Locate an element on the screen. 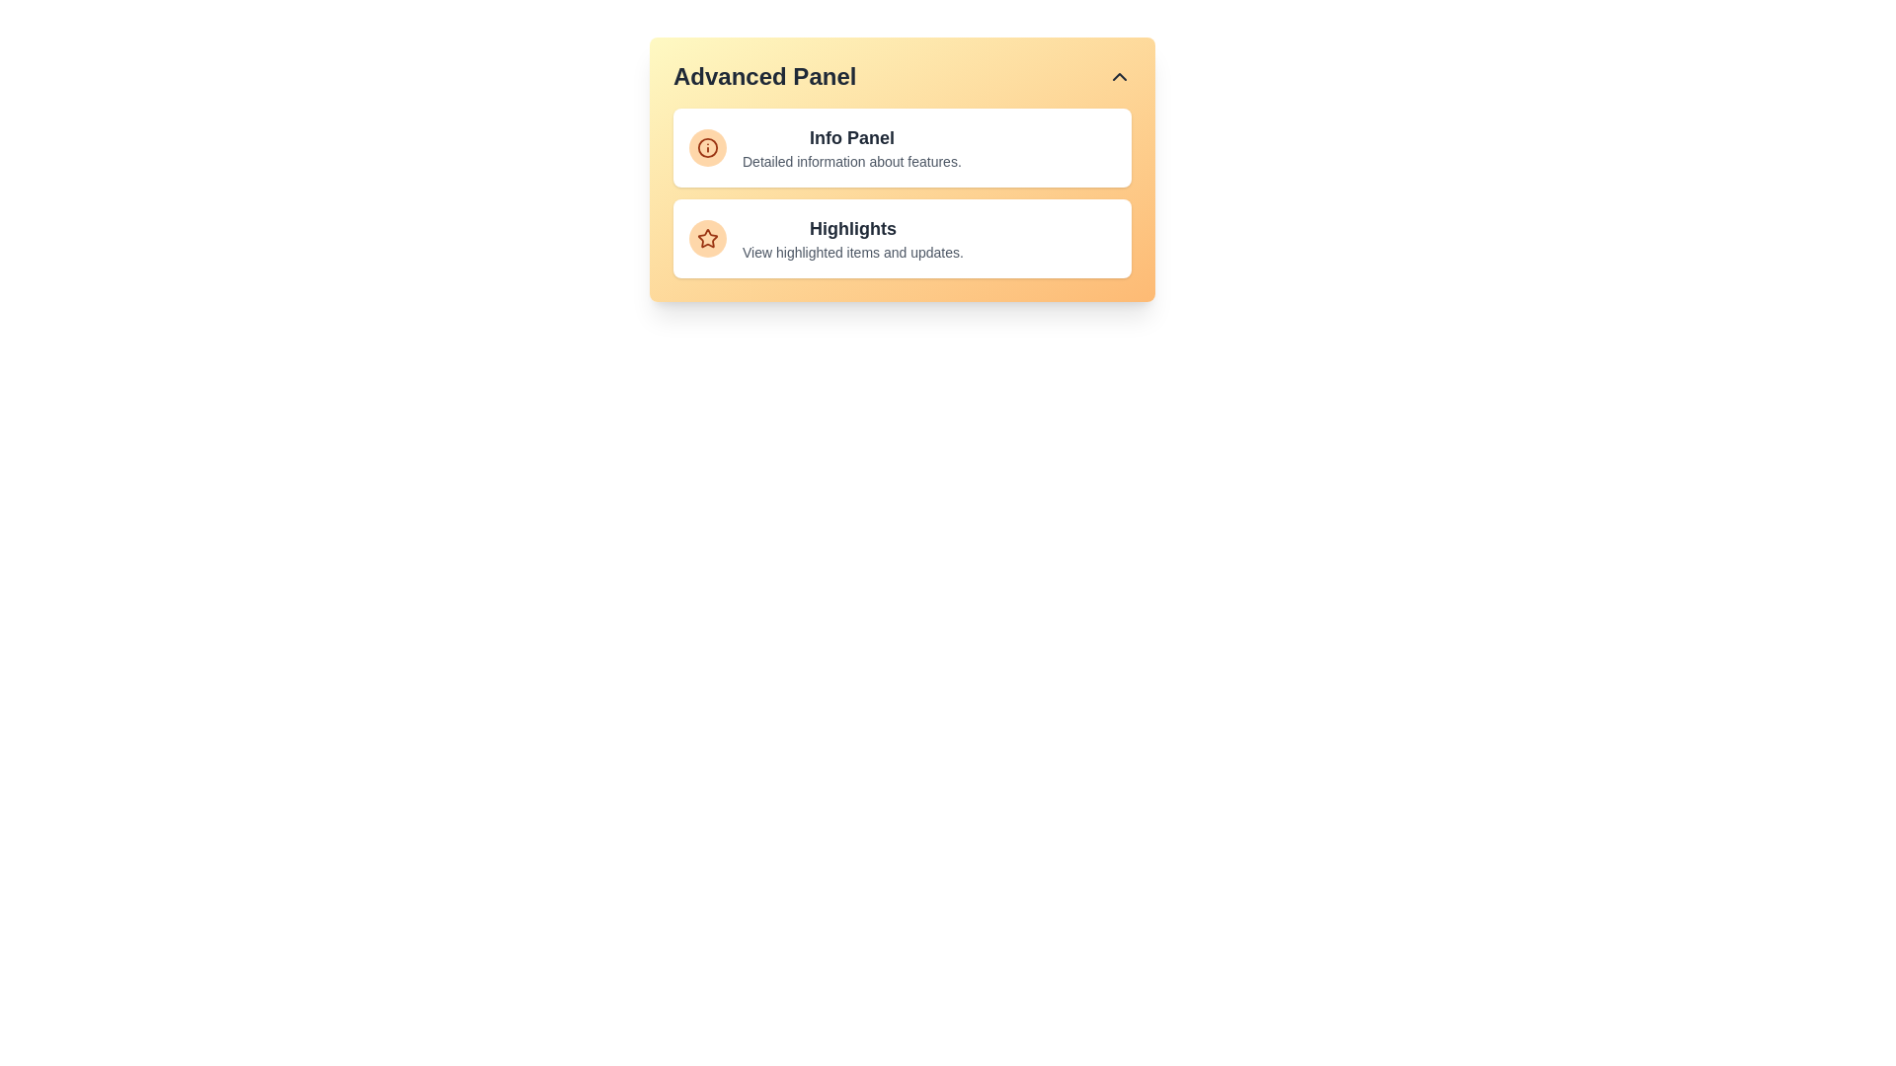 This screenshot has height=1066, width=1896. the item card labeled 'Highlights' within the panel is located at coordinates (901, 238).